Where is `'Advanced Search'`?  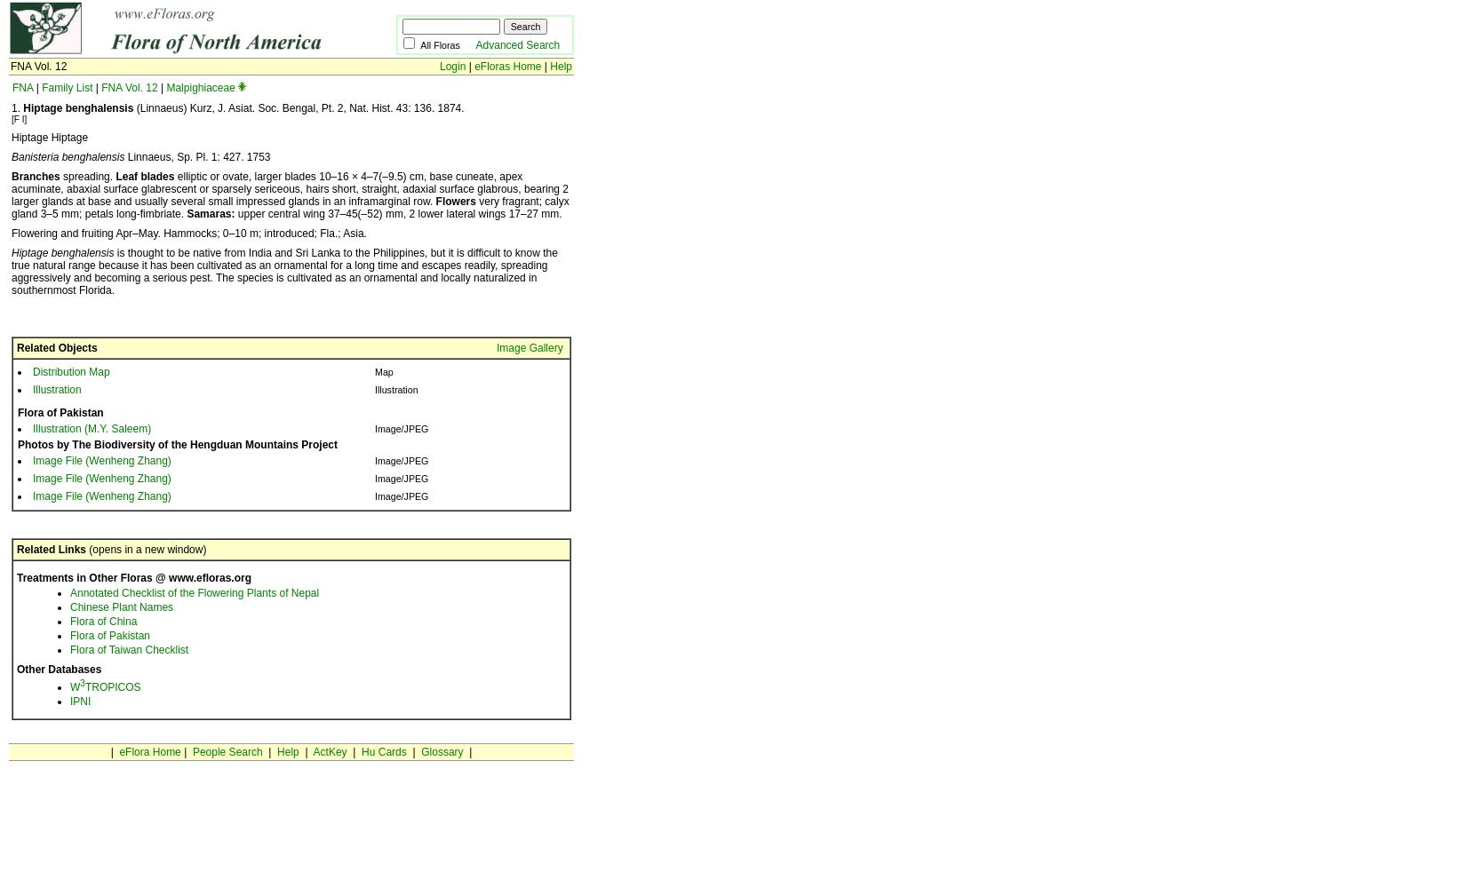
'Advanced Search' is located at coordinates (474, 45).